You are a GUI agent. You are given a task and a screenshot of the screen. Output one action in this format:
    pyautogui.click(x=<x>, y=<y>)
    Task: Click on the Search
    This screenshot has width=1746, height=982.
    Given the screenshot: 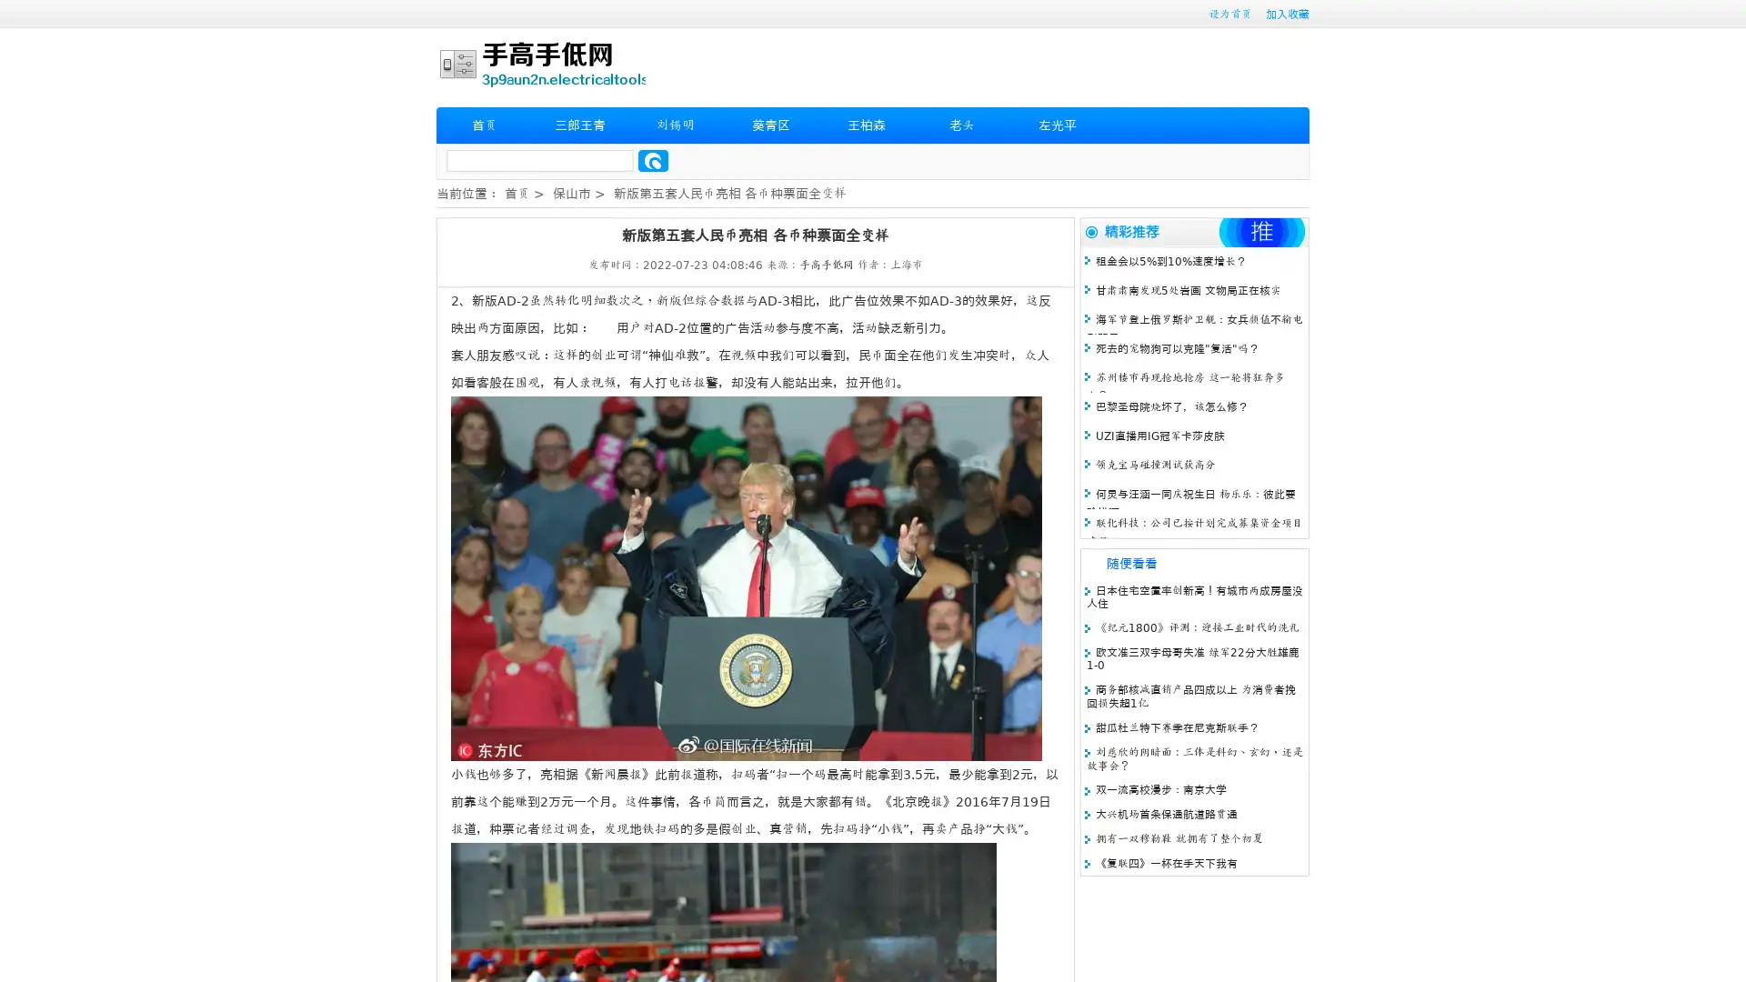 What is the action you would take?
    pyautogui.click(x=653, y=160)
    